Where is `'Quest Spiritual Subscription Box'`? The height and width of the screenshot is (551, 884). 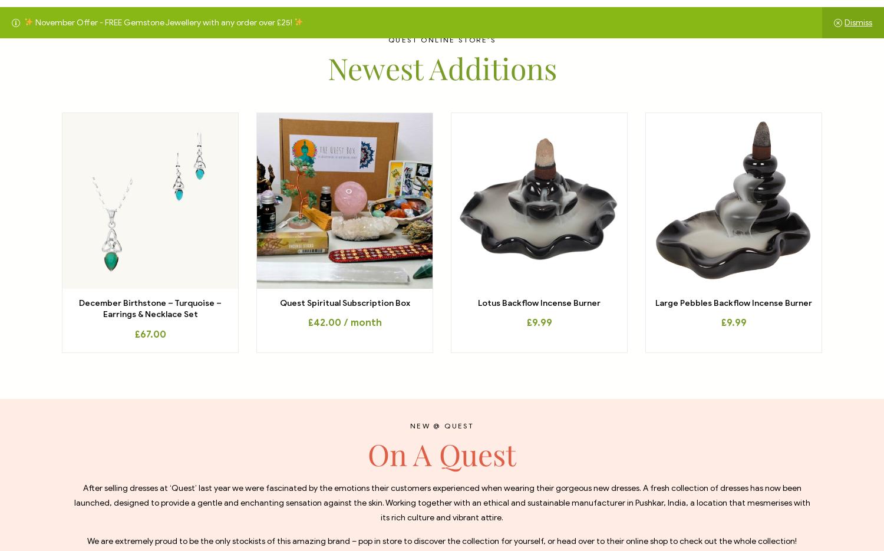
'Quest Spiritual Subscription Box' is located at coordinates (344, 302).